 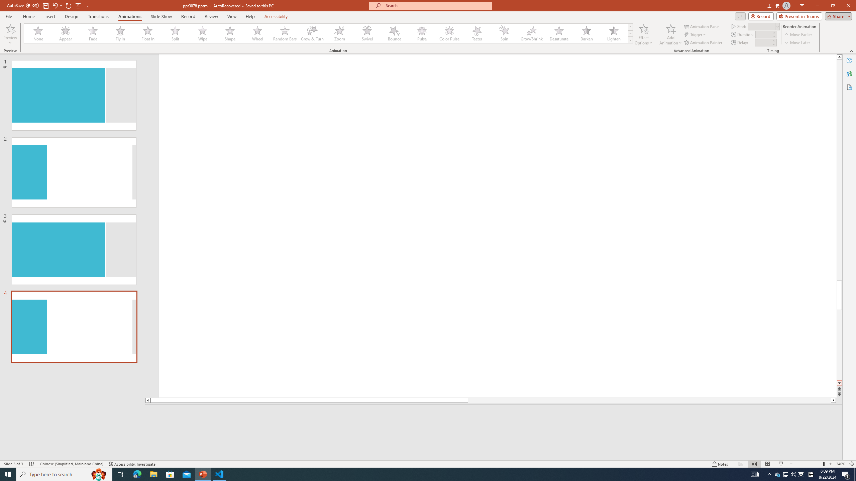 I want to click on 'Fly In', so click(x=120, y=33).